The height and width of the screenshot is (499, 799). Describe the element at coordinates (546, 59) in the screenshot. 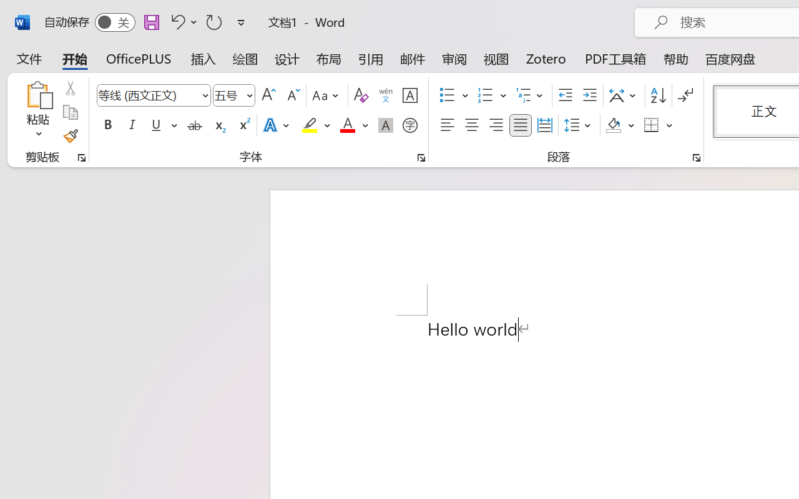

I see `'Zotero'` at that location.